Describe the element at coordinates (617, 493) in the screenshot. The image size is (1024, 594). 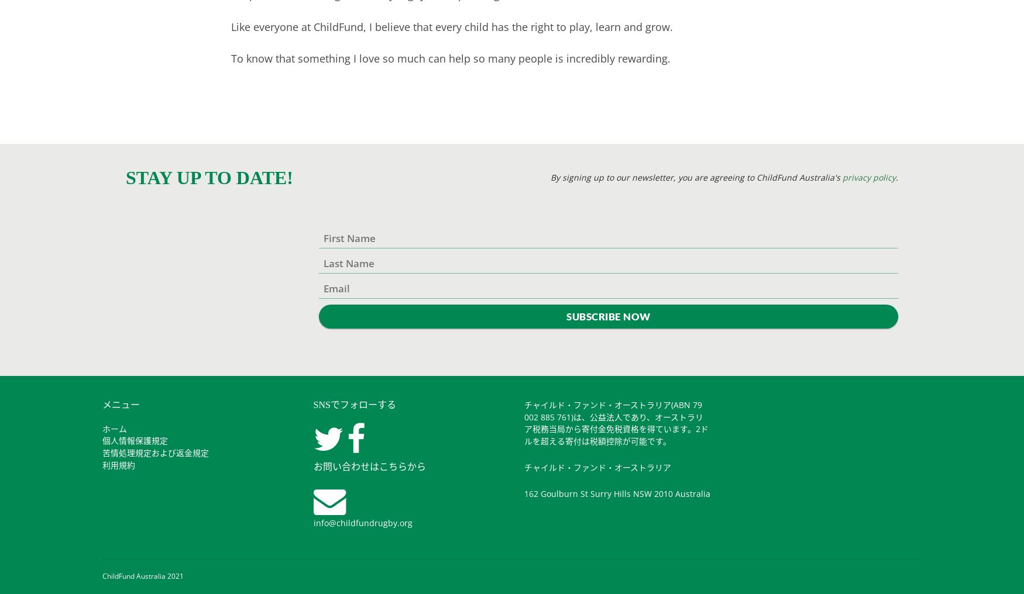
I see `'162 Goulburn St Surry Hills NSW 2010 Australia'` at that location.